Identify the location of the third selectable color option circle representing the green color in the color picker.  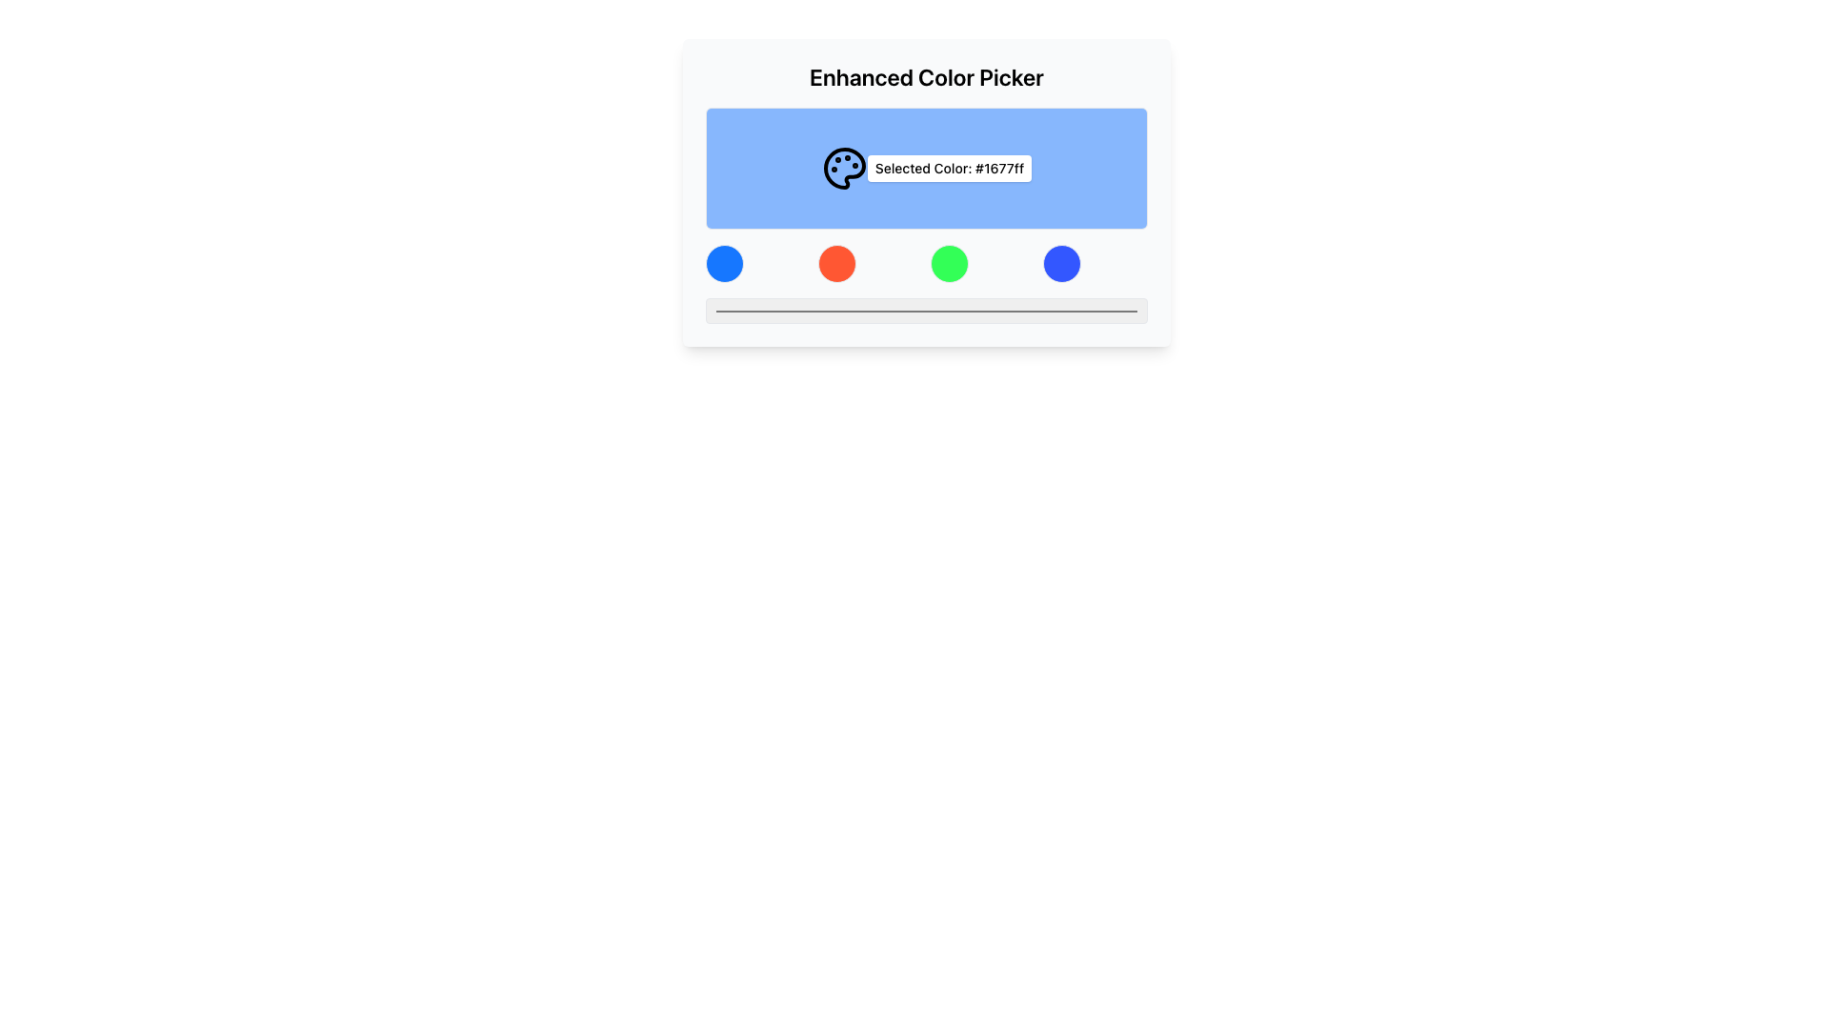
(950, 264).